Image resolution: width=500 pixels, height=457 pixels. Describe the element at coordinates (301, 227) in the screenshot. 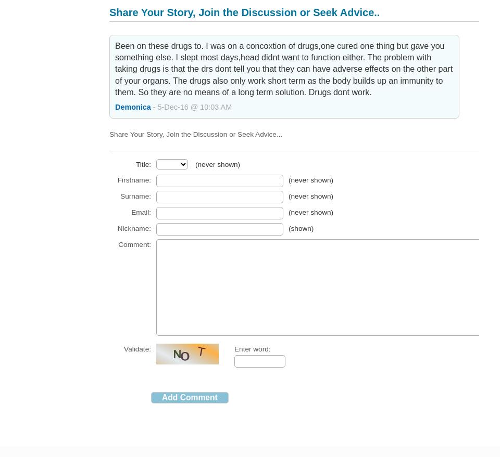

I see `'(shown)'` at that location.